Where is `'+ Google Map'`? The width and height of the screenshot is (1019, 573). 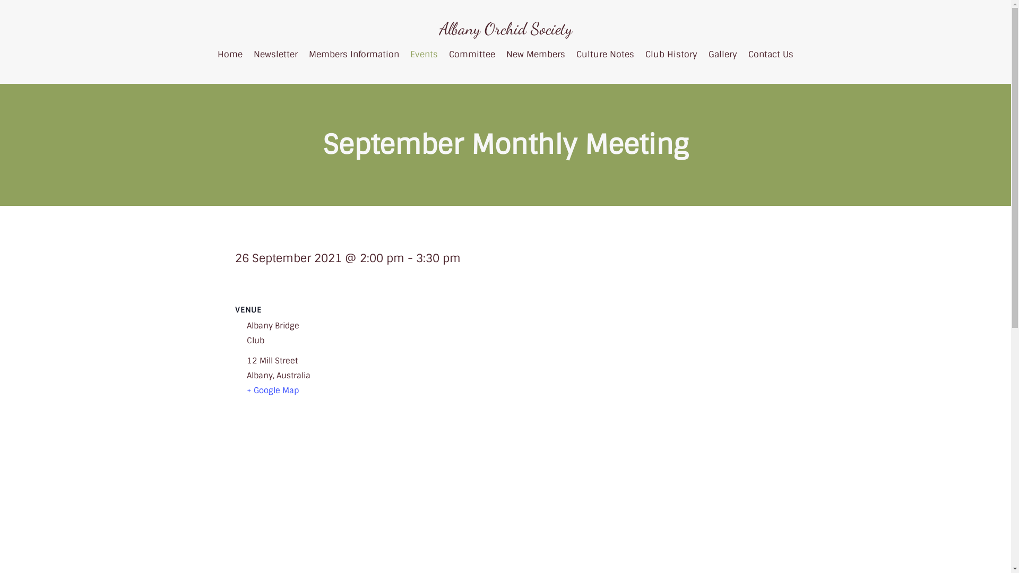
'+ Google Map' is located at coordinates (272, 390).